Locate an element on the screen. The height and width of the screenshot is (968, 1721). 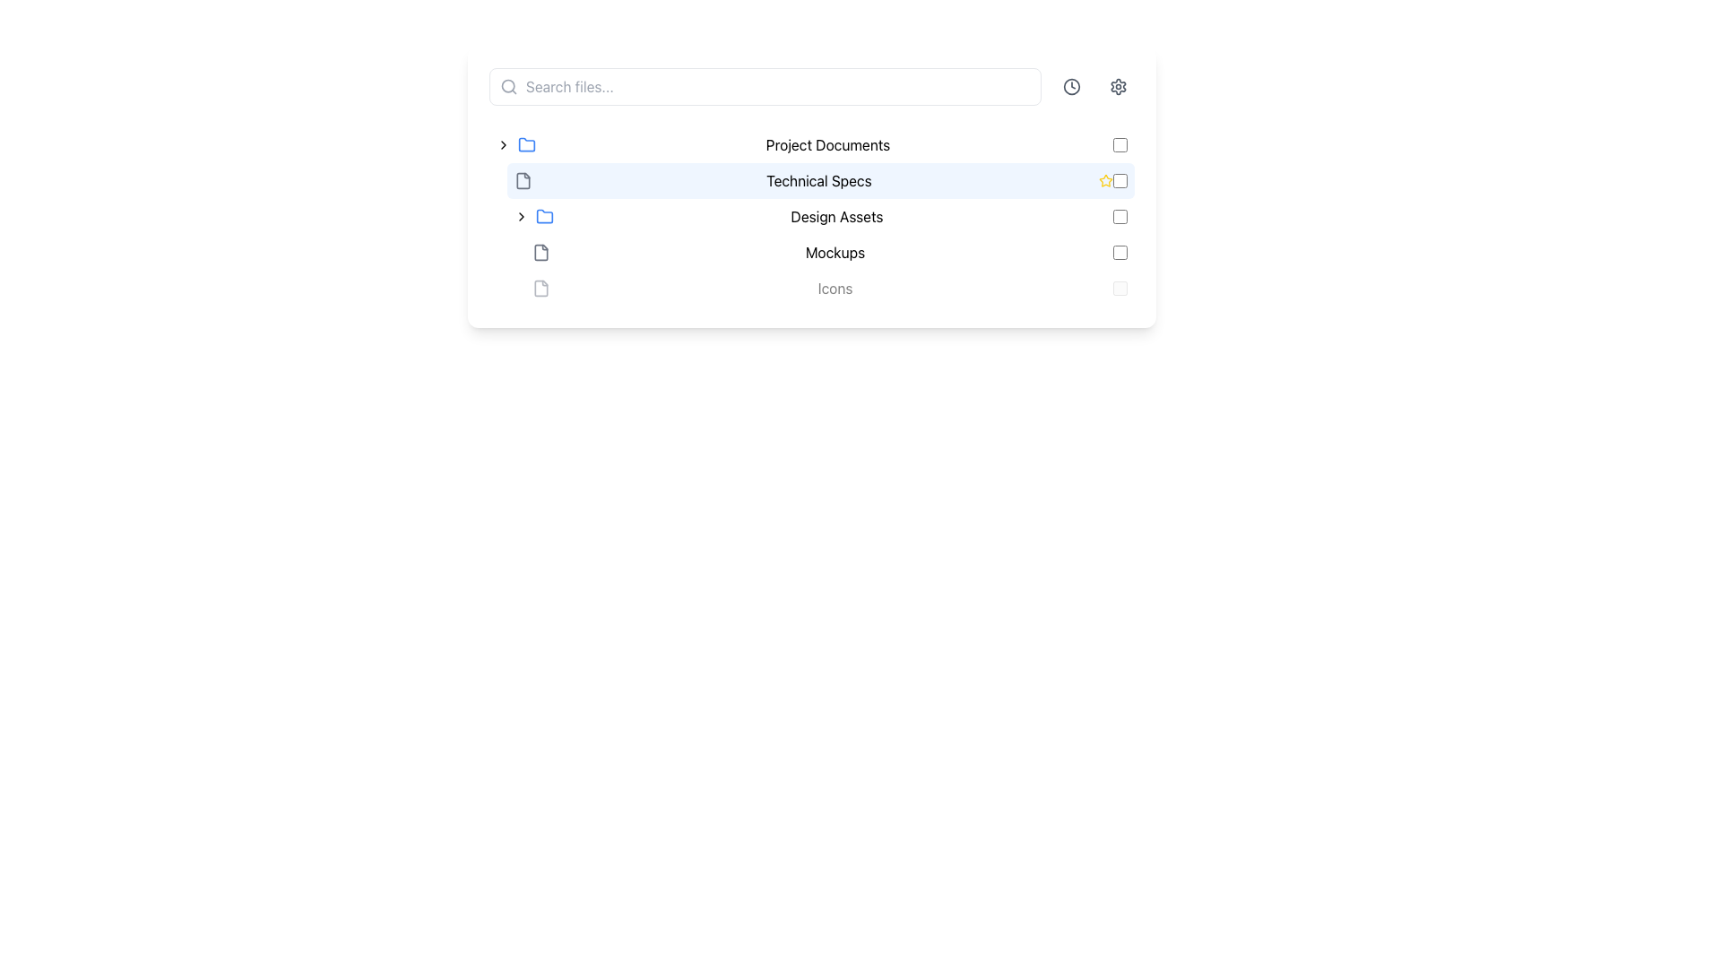
the document icon, which is an SVG graphical element located near the upper left section of the interface, adjacent to the text 'Technical Specs' is located at coordinates (541, 287).